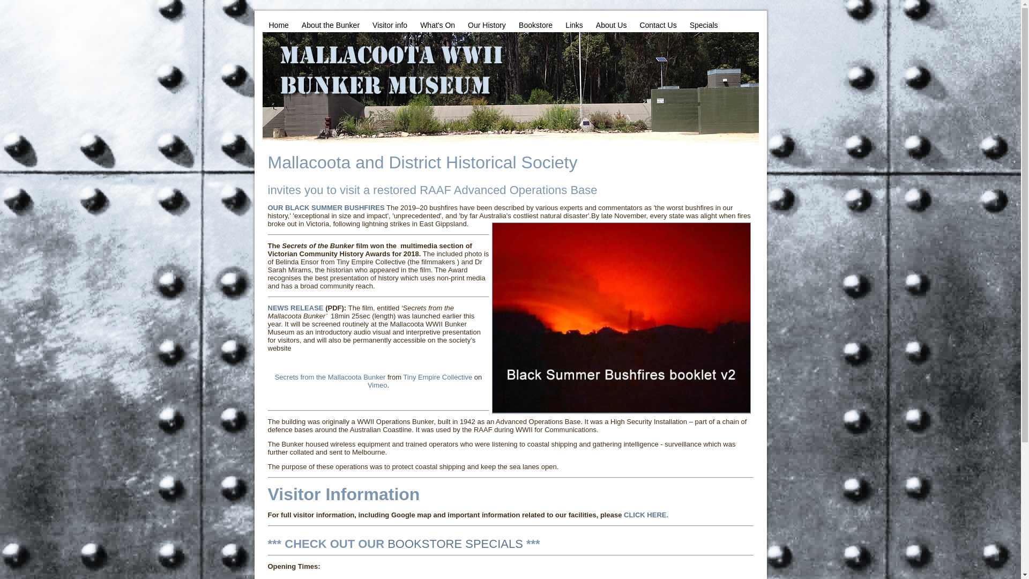 The width and height of the screenshot is (1029, 579). What do you see at coordinates (279, 25) in the screenshot?
I see `'Home'` at bounding box center [279, 25].